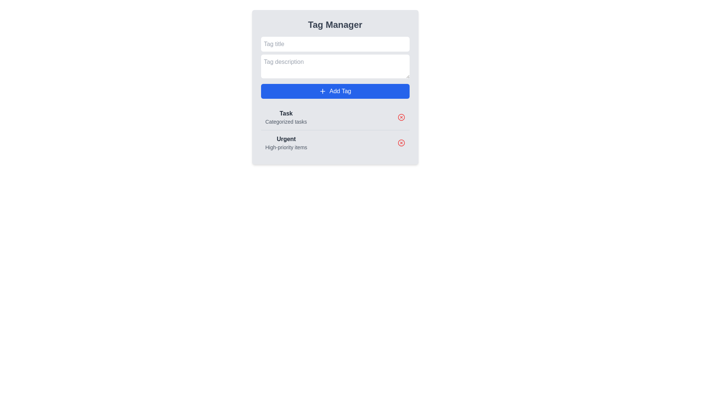 The height and width of the screenshot is (401, 713). What do you see at coordinates (335, 143) in the screenshot?
I see `text content of the Task item entry with the bold 'Urgent' label and the gray 'High-priority items' description, located in the categorized task list` at bounding box center [335, 143].